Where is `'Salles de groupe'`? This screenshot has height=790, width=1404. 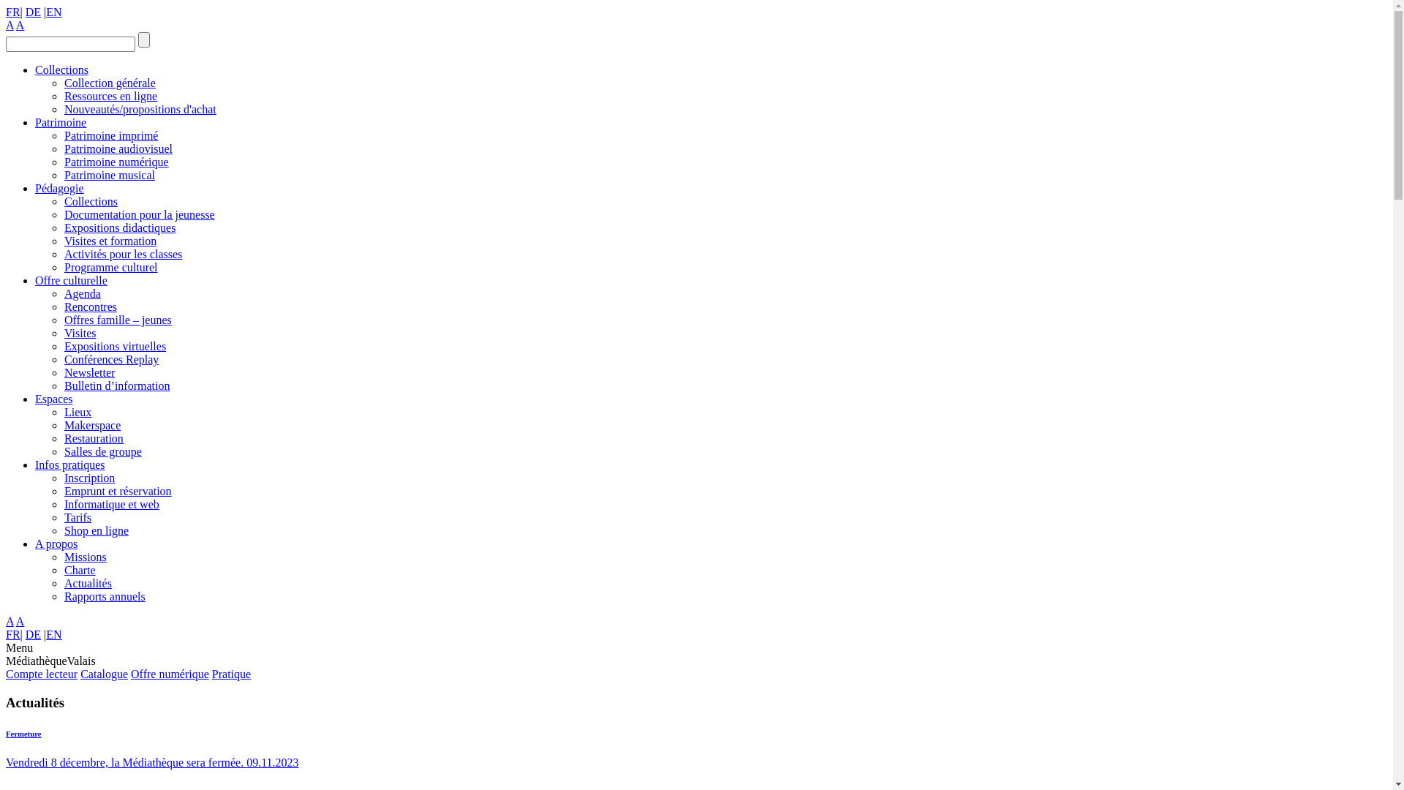
'Salles de groupe' is located at coordinates (63, 451).